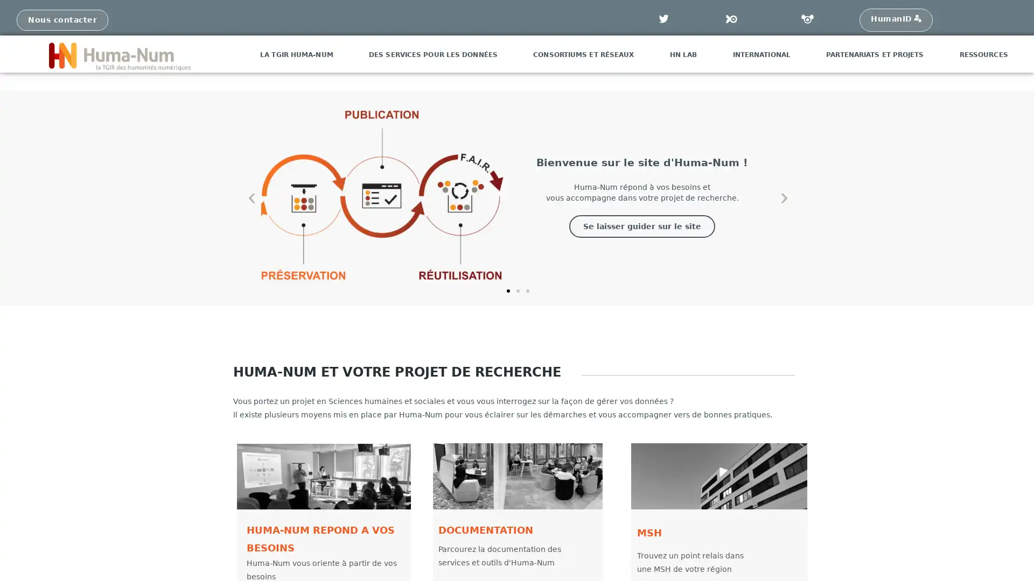  I want to click on Go to slide 3, so click(527, 290).